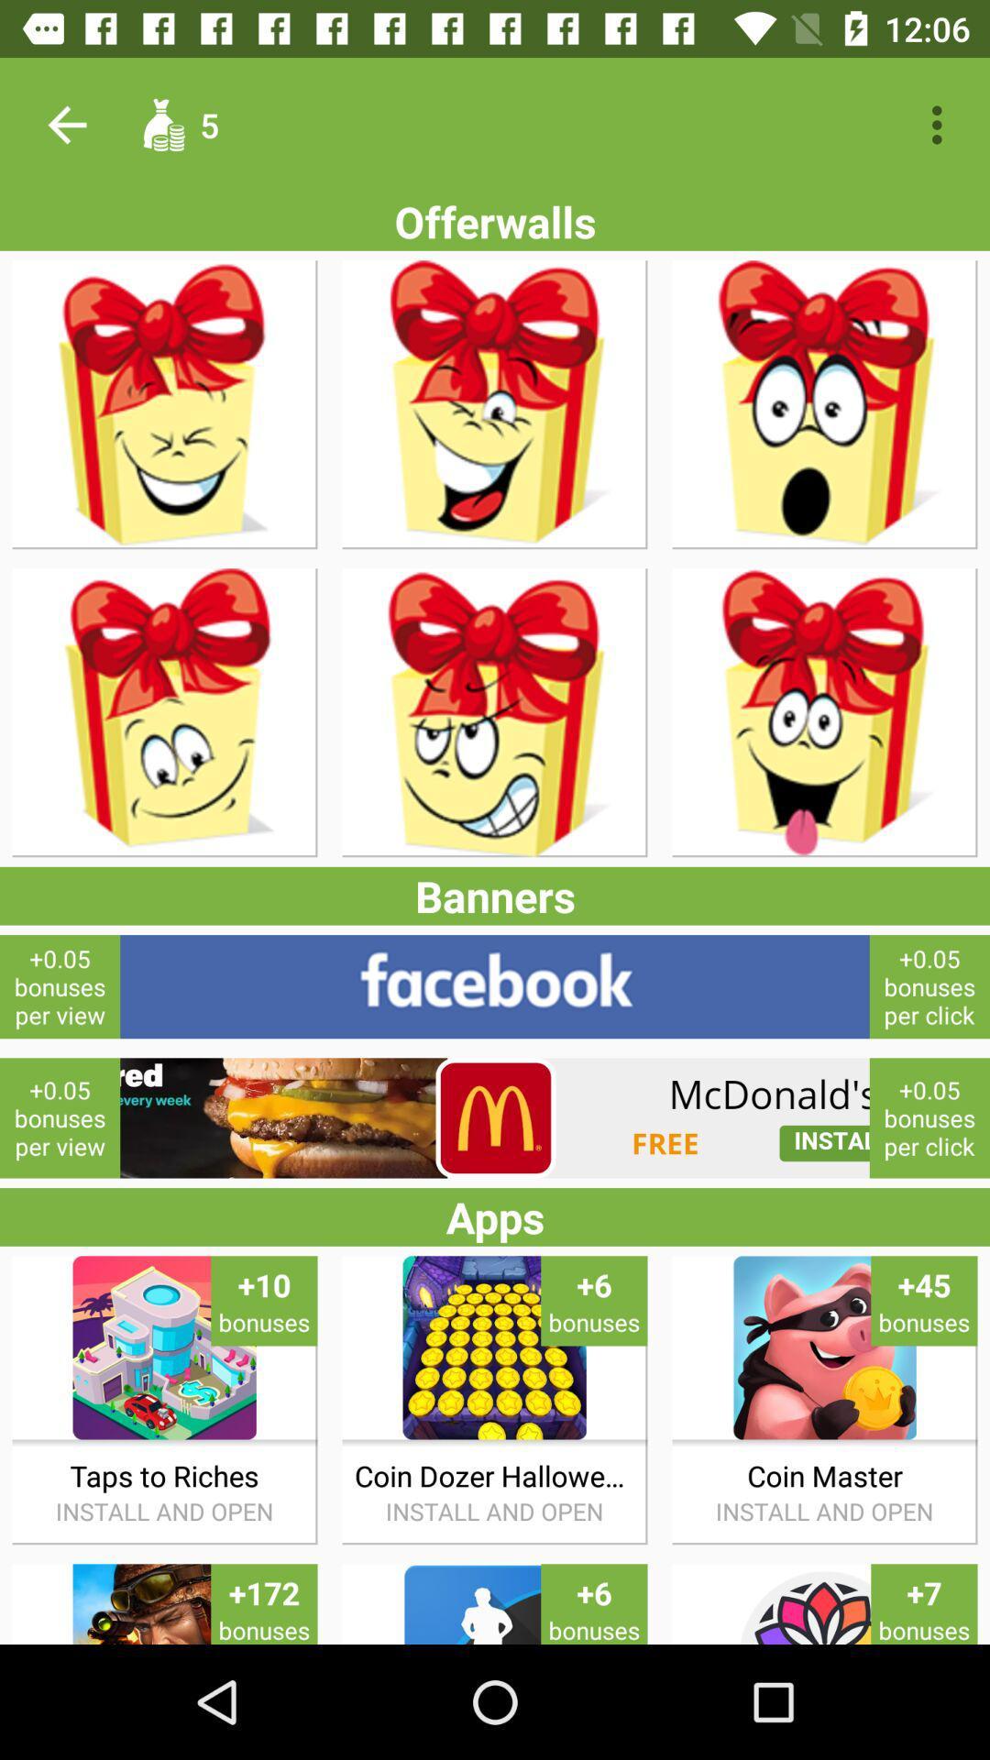  Describe the element at coordinates (66, 124) in the screenshot. I see `the item above the offerwalls` at that location.